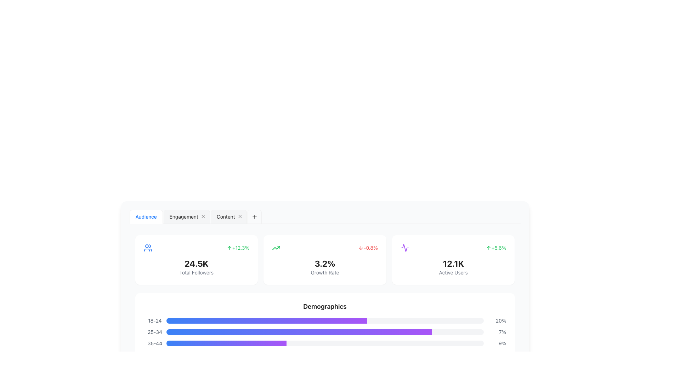 This screenshot has height=382, width=680. Describe the element at coordinates (324, 306) in the screenshot. I see `the text label displaying 'Demographics' which is styled as bold and larger than surrounding text, located centrally above graphical data representations` at that location.